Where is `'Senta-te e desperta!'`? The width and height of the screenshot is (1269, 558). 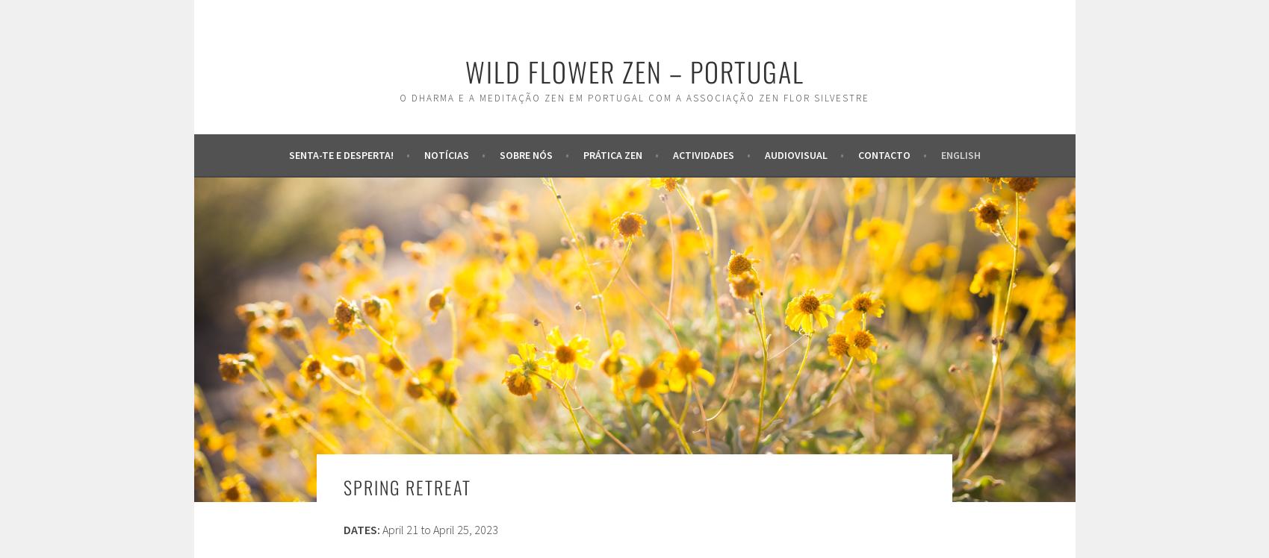 'Senta-te e desperta!' is located at coordinates (288, 154).